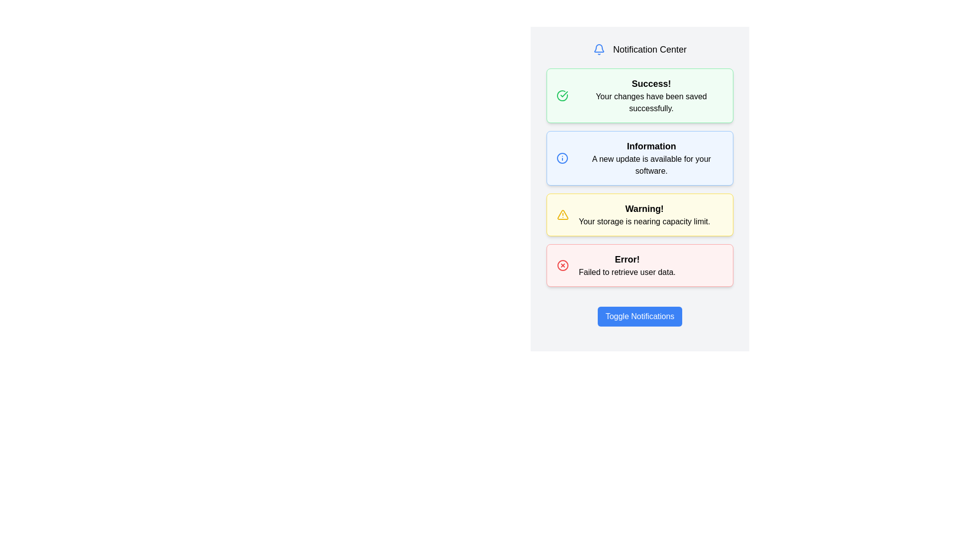 Image resolution: width=954 pixels, height=536 pixels. I want to click on text element labeled 'Notification Center' which is positioned to the right of a bell icon in the notification section of the interface, so click(649, 50).